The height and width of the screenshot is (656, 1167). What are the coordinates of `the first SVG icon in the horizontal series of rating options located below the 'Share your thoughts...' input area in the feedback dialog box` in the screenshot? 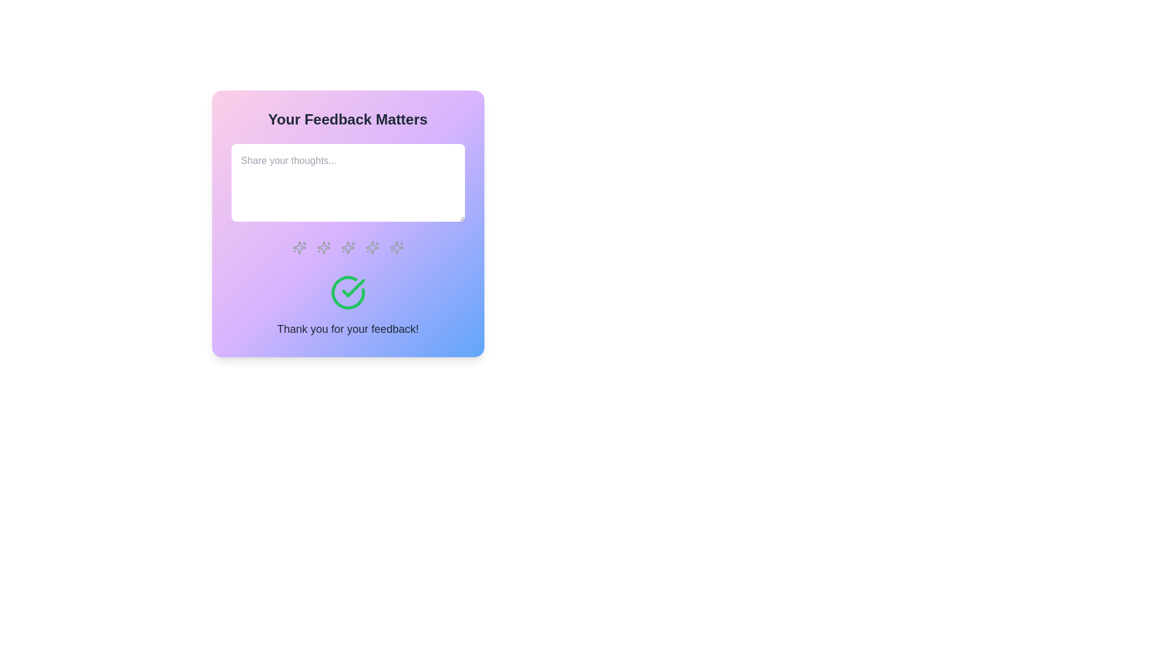 It's located at (323, 247).